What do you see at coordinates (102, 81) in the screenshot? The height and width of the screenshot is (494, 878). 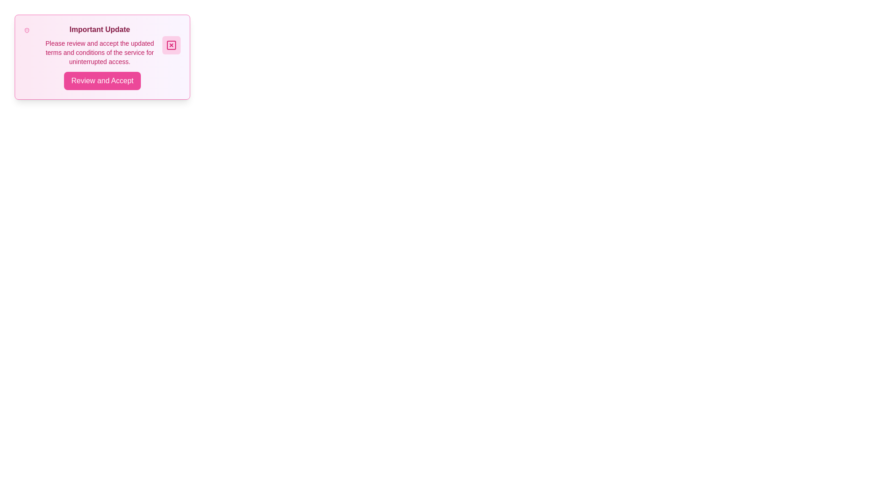 I see `the confirmation button located at the bottom of the 'Important Update' notification card` at bounding box center [102, 81].